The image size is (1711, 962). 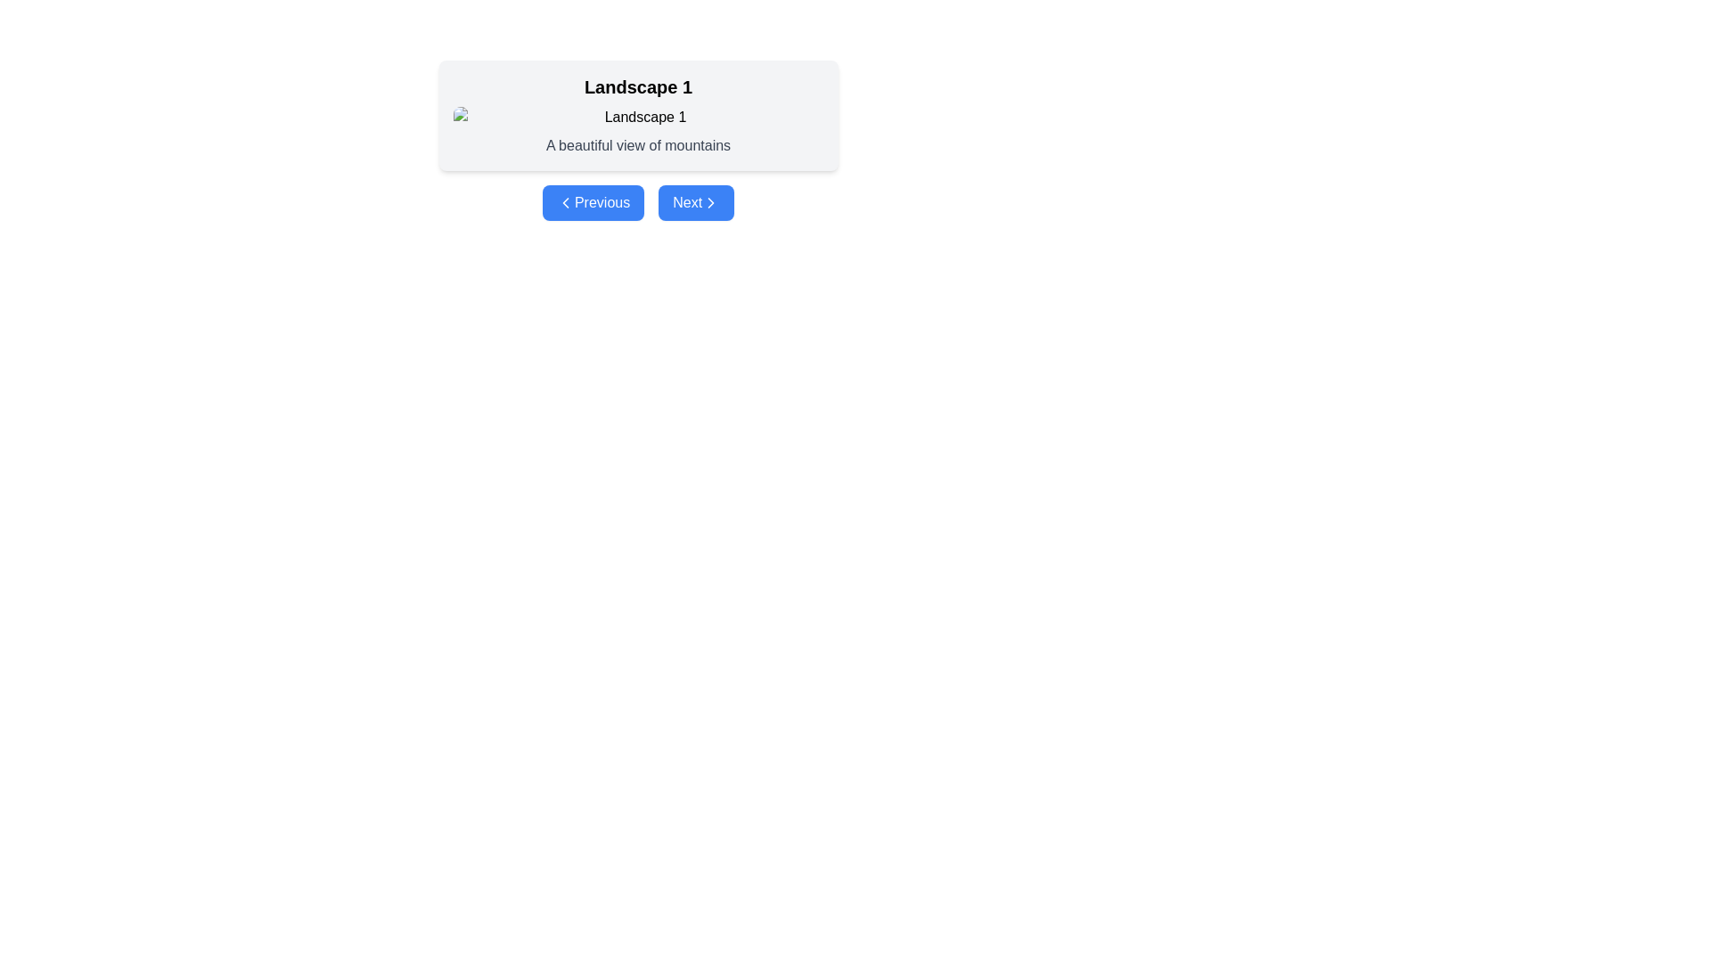 What do you see at coordinates (638, 145) in the screenshot?
I see `the text label that displays the phrase 'A beautiful view of mountains', which is styled in gray sans-serif font and is located within a card beneath the image placeholder and the title 'Landscape 1'` at bounding box center [638, 145].